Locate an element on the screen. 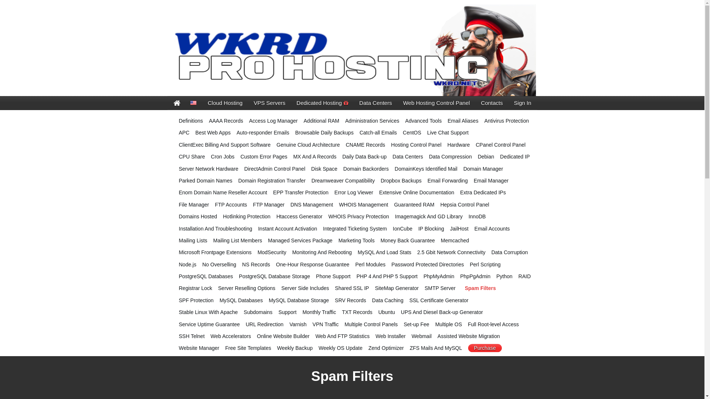 This screenshot has height=399, width=710. 'Disk Space' is located at coordinates (324, 168).